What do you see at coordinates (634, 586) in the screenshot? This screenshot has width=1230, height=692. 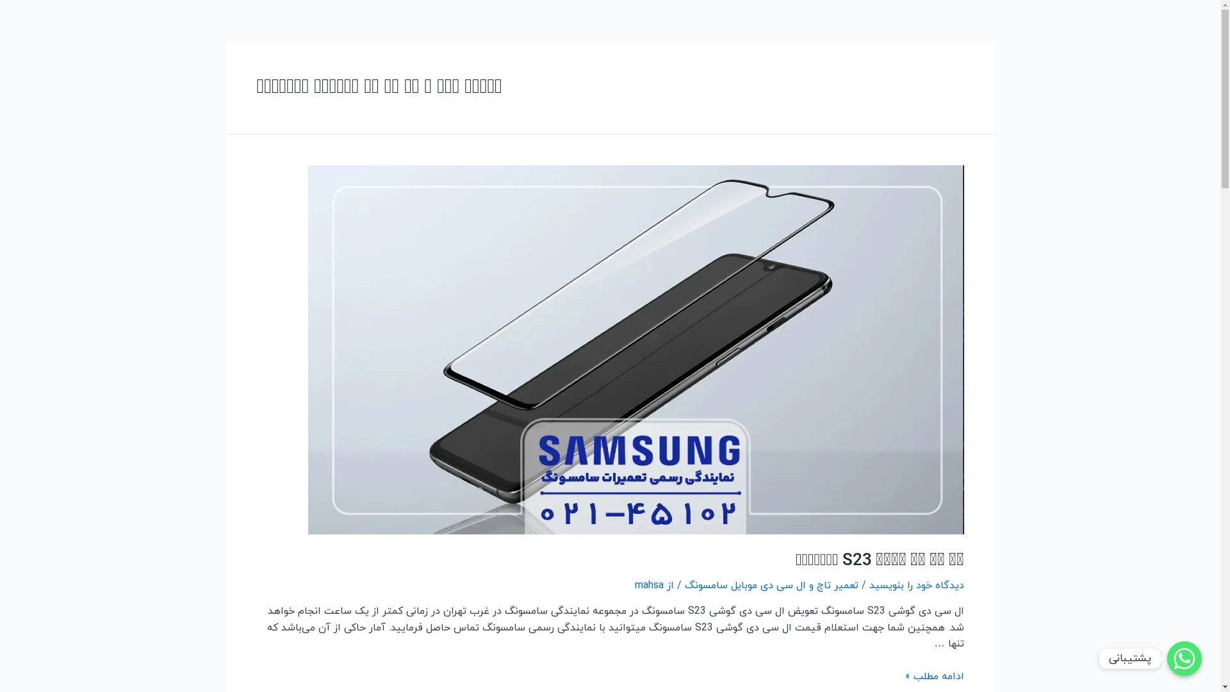 I see `'mahsa'` at bounding box center [634, 586].